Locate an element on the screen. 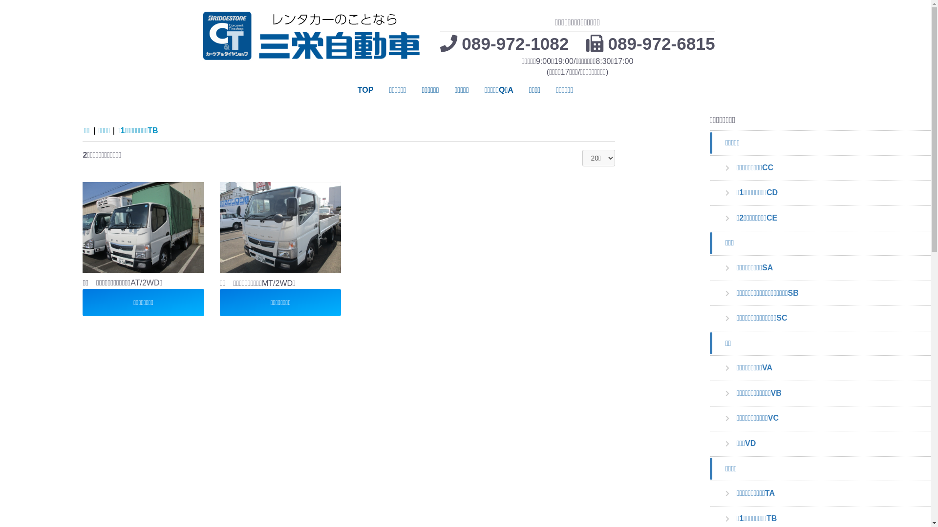  'TOP' is located at coordinates (365, 90).